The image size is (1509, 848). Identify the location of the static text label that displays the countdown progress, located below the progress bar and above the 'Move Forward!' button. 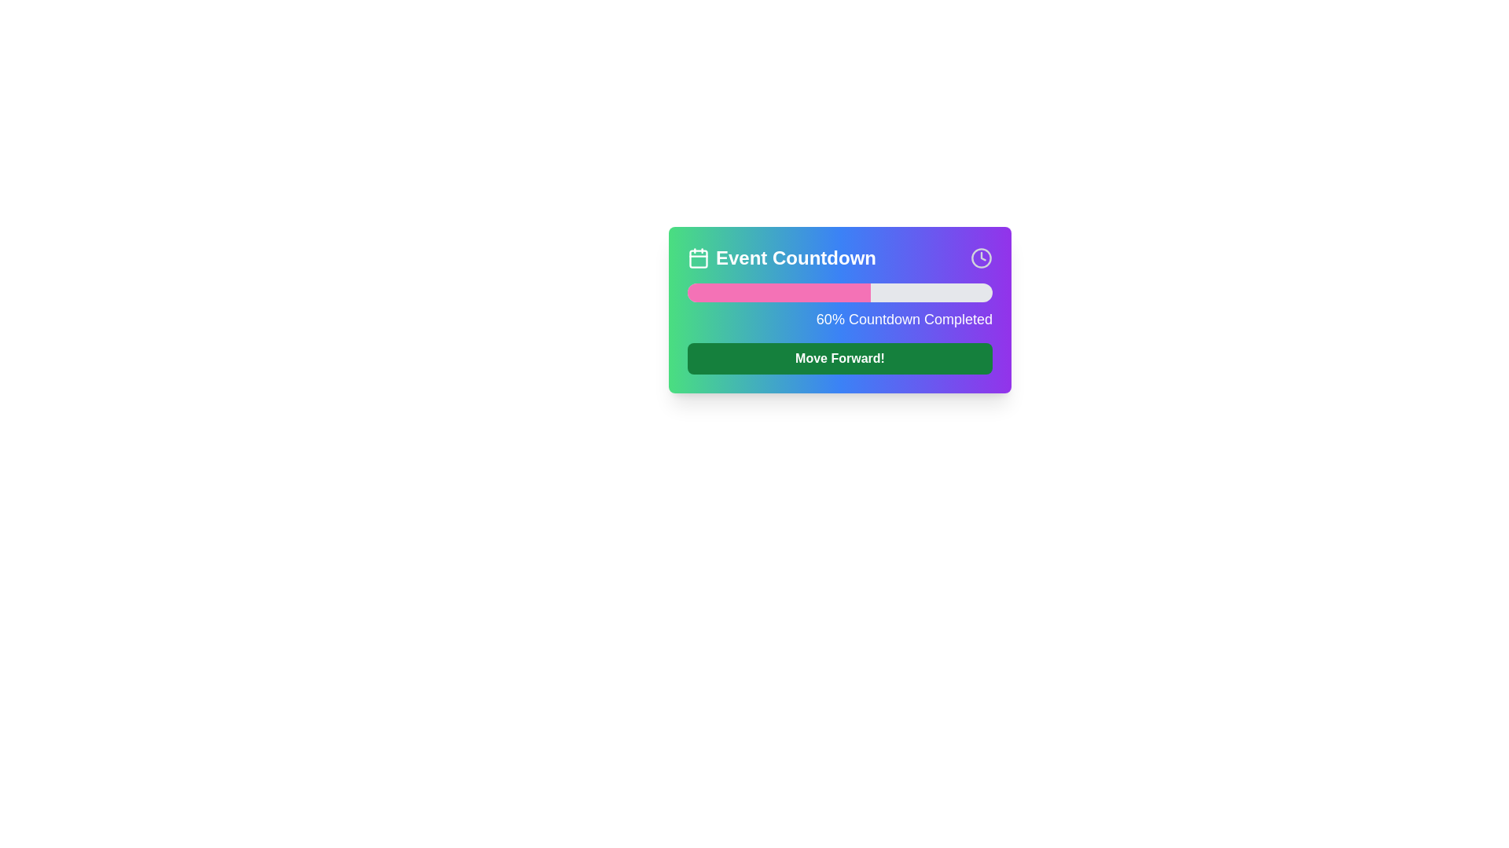
(839, 319).